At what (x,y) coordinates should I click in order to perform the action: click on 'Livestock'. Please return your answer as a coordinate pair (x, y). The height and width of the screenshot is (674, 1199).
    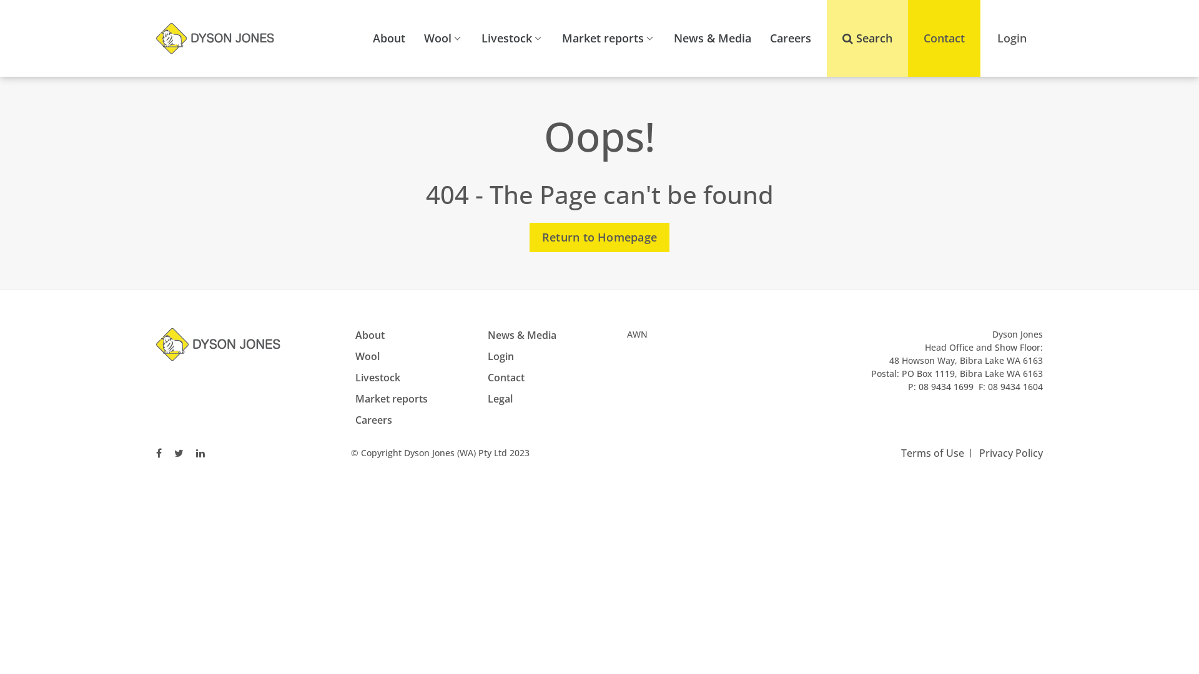
    Looking at the image, I should click on (512, 37).